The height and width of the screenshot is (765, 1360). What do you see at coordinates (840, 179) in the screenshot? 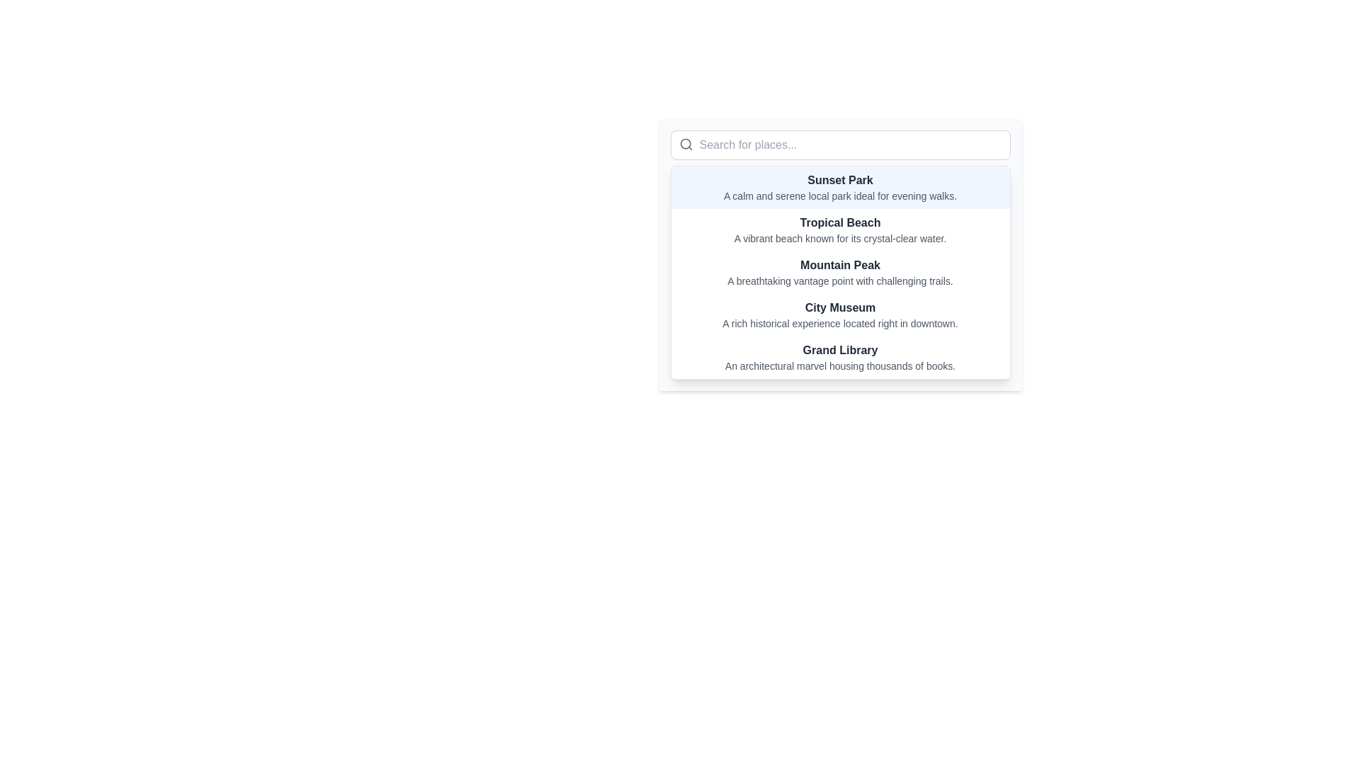
I see `the Text label that serves as the title or name representation of a place within a list` at bounding box center [840, 179].